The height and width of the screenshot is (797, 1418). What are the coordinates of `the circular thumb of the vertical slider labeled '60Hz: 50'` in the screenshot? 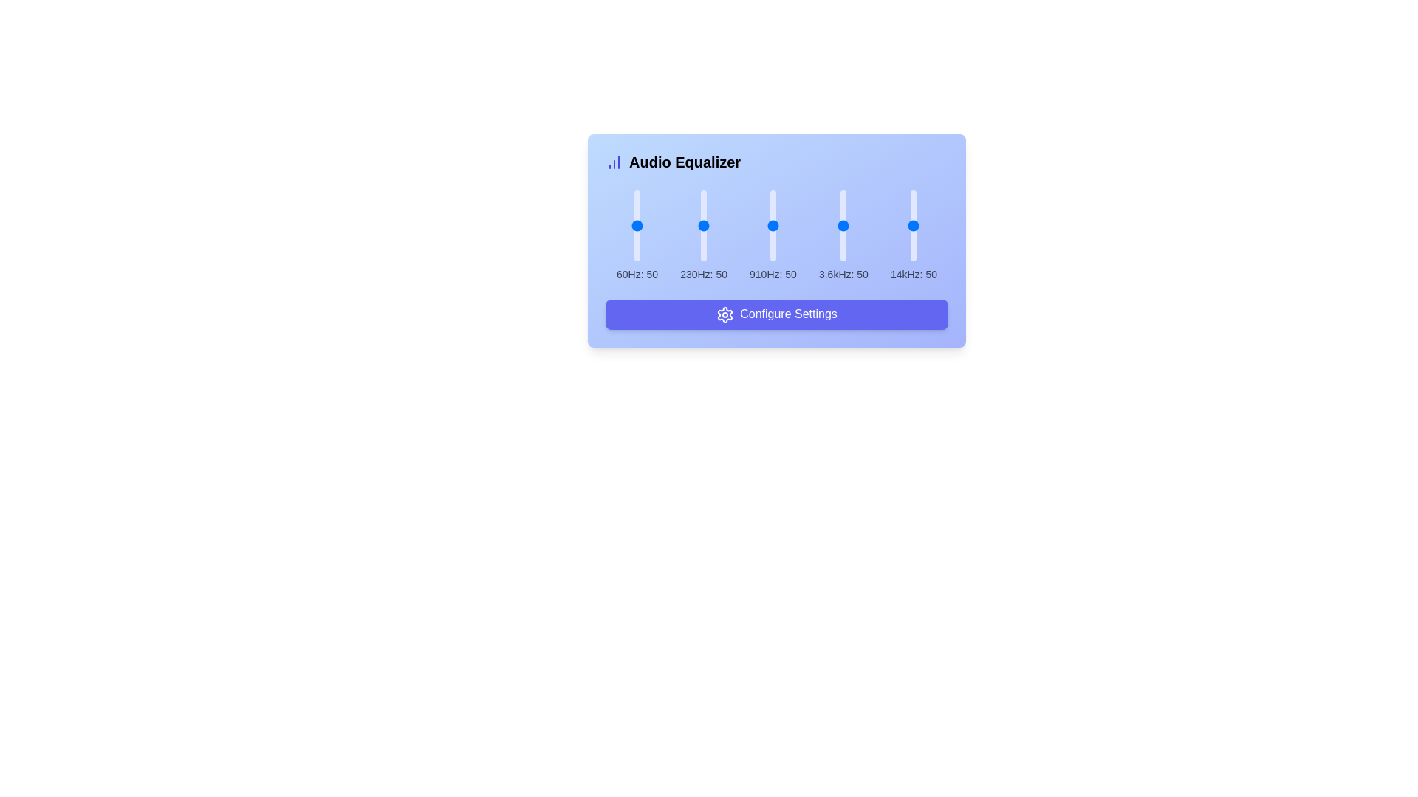 It's located at (637, 235).